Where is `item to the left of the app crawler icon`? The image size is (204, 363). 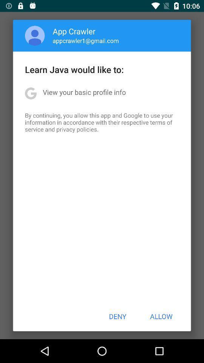 item to the left of the app crawler icon is located at coordinates (34, 36).